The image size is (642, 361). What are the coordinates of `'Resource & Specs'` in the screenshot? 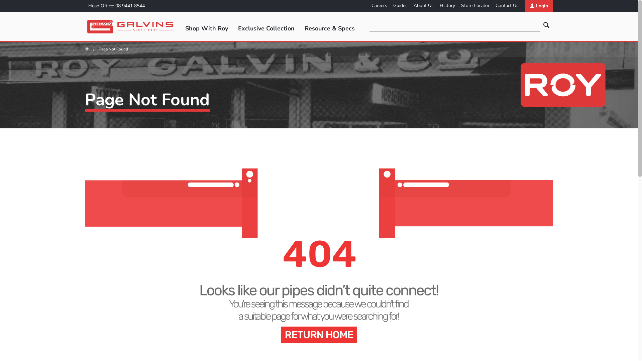 It's located at (299, 28).